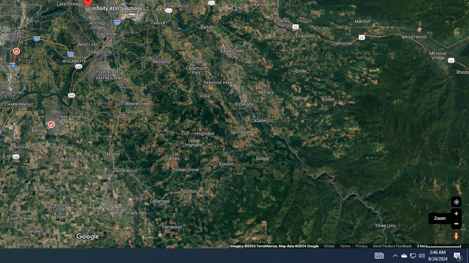 This screenshot has width=469, height=263. I want to click on 'Global', so click(329, 246).